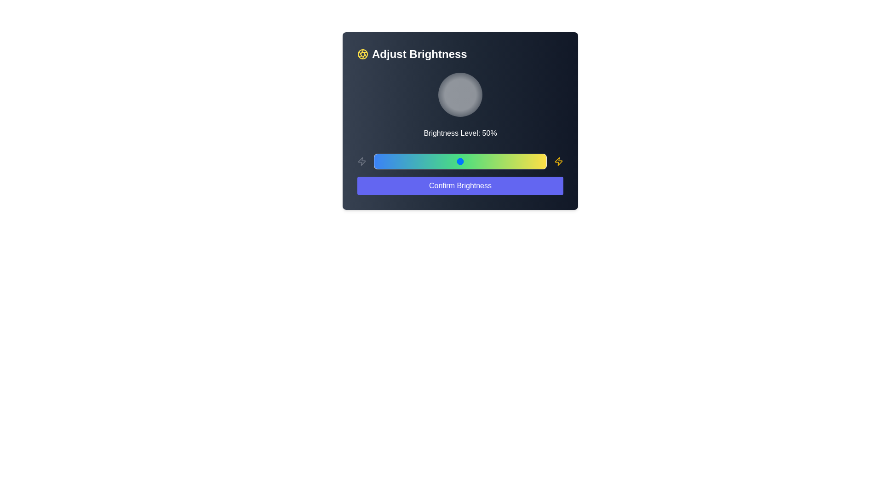  Describe the element at coordinates (522, 161) in the screenshot. I see `the brightness slider to 86%` at that location.